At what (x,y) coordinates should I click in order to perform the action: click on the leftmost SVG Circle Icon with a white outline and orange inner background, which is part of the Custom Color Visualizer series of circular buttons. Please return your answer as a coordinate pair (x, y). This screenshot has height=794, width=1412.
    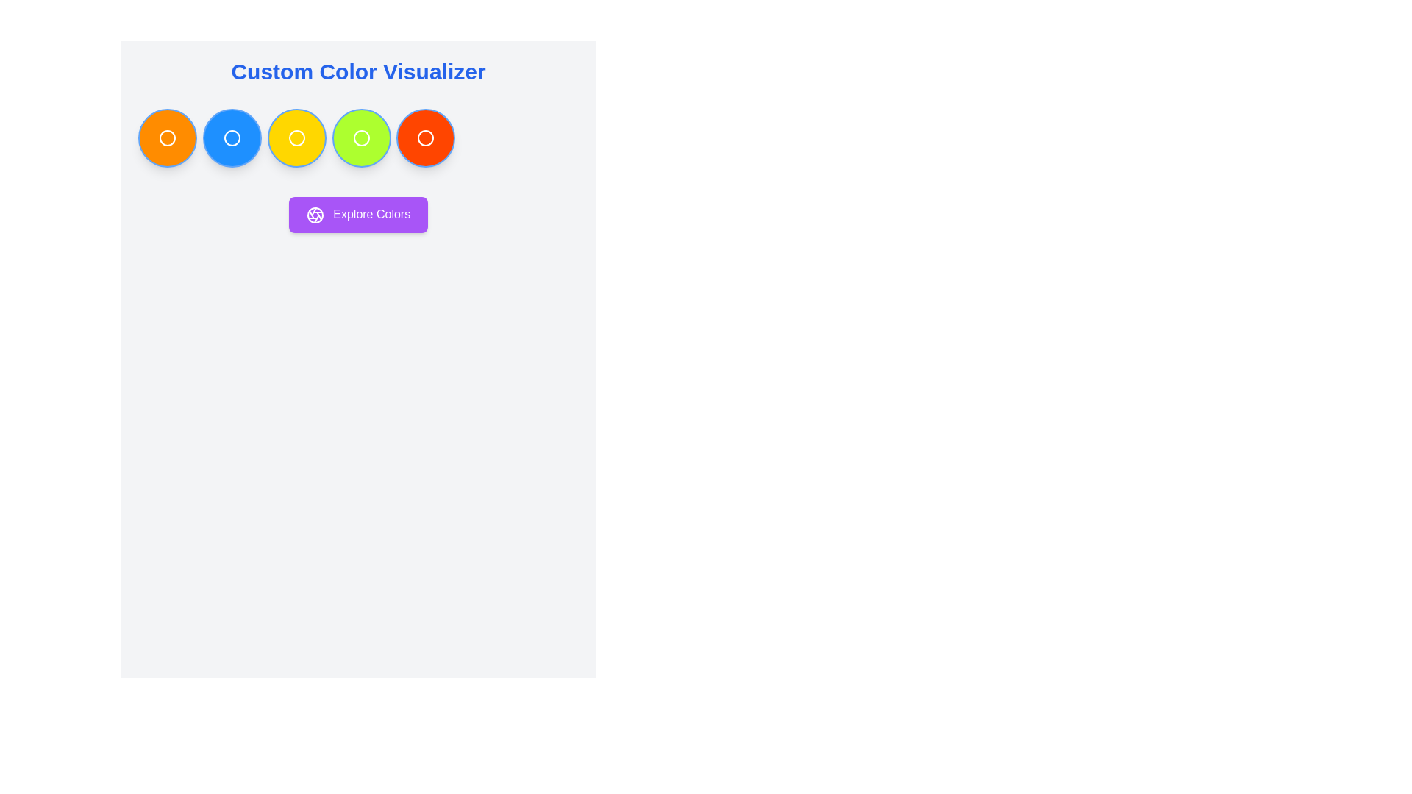
    Looking at the image, I should click on (167, 138).